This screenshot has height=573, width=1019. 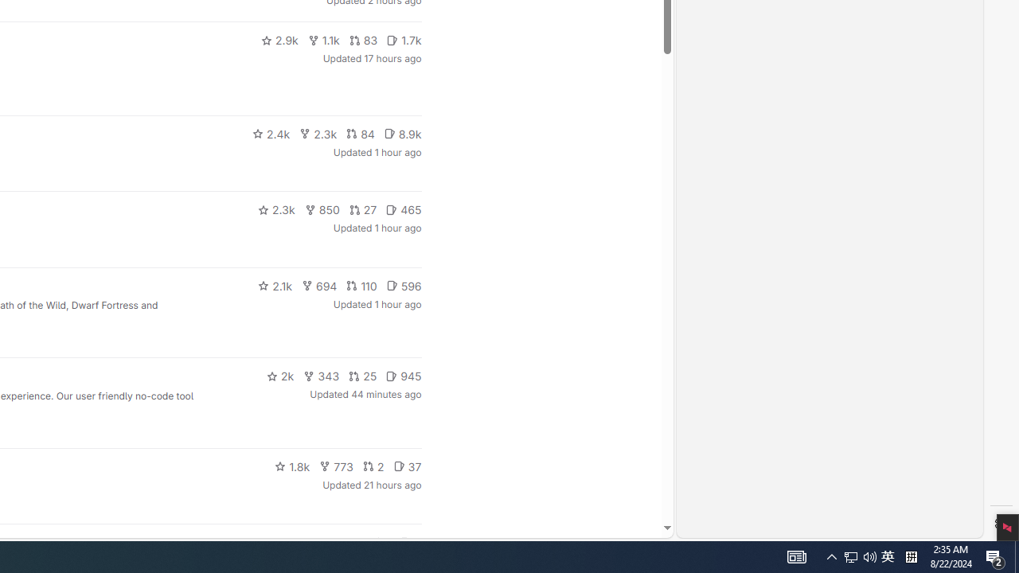 What do you see at coordinates (361, 284) in the screenshot?
I see `'110'` at bounding box center [361, 284].